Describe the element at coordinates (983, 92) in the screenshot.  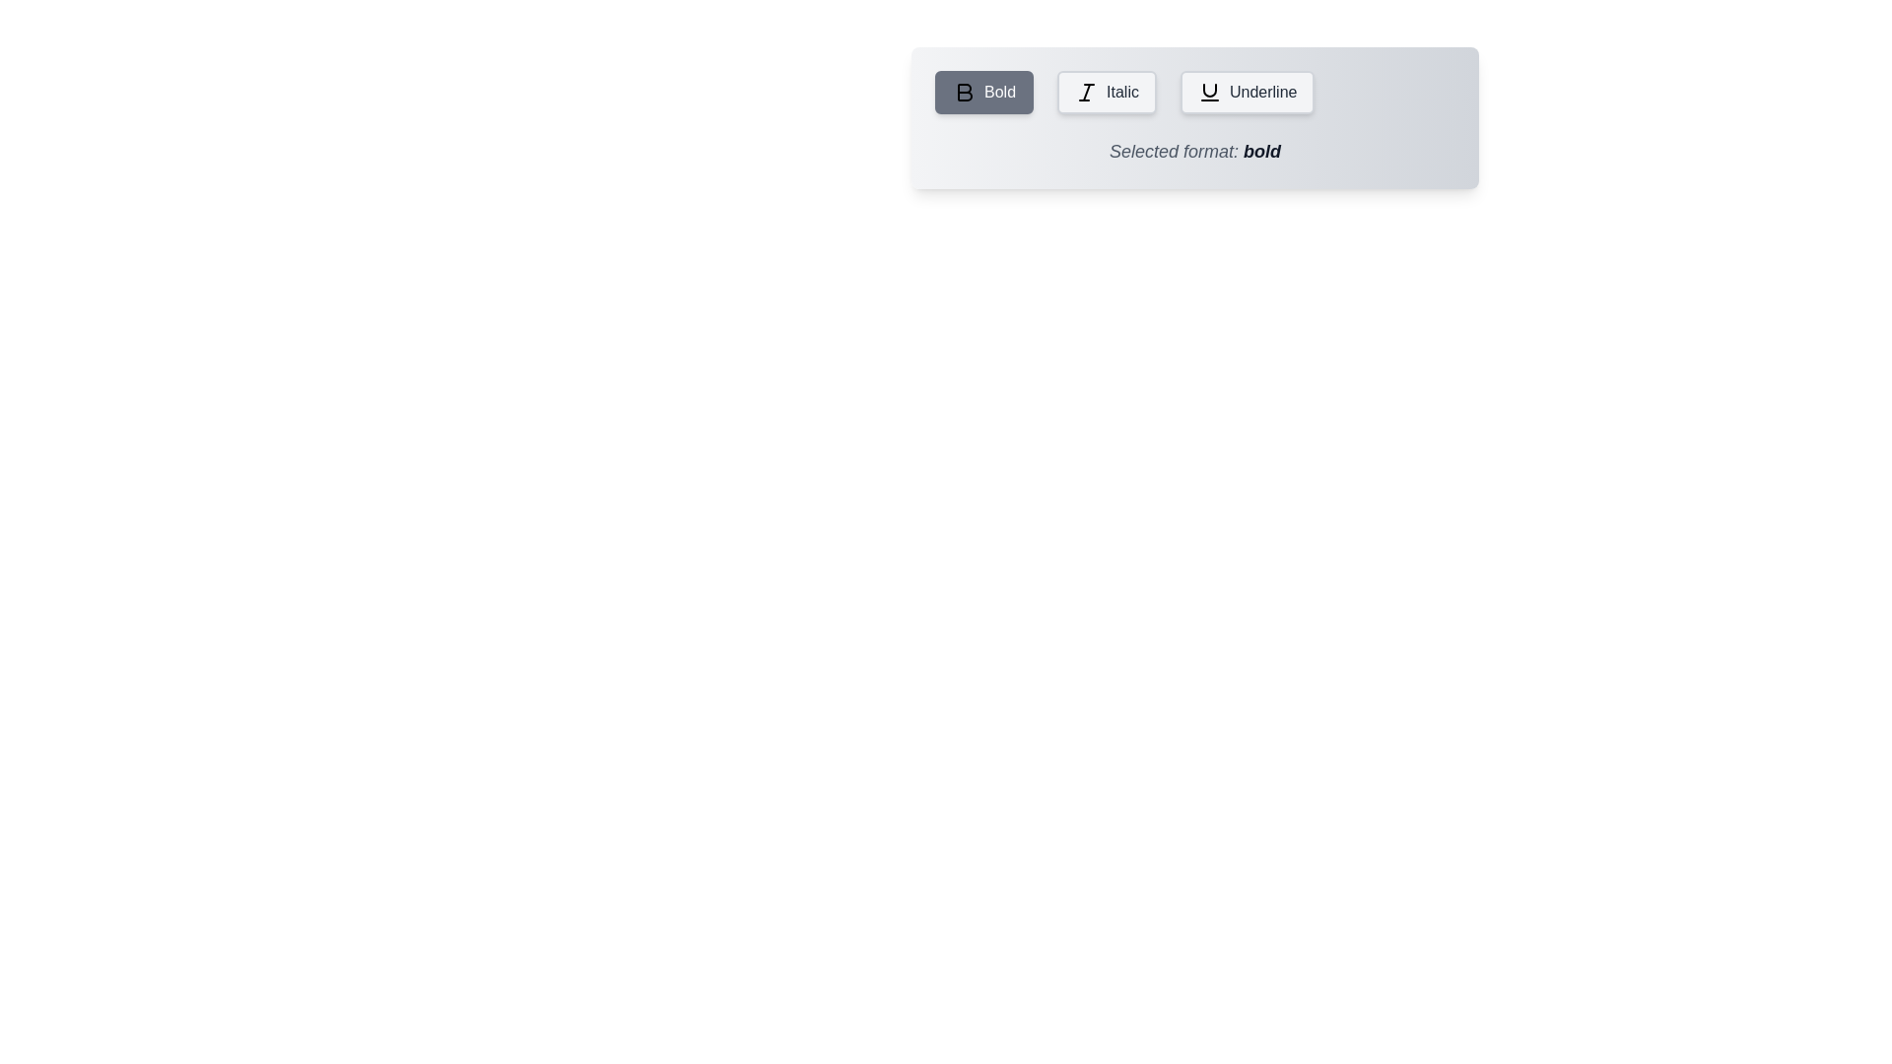
I see `the Bold button to see its hover animation` at that location.